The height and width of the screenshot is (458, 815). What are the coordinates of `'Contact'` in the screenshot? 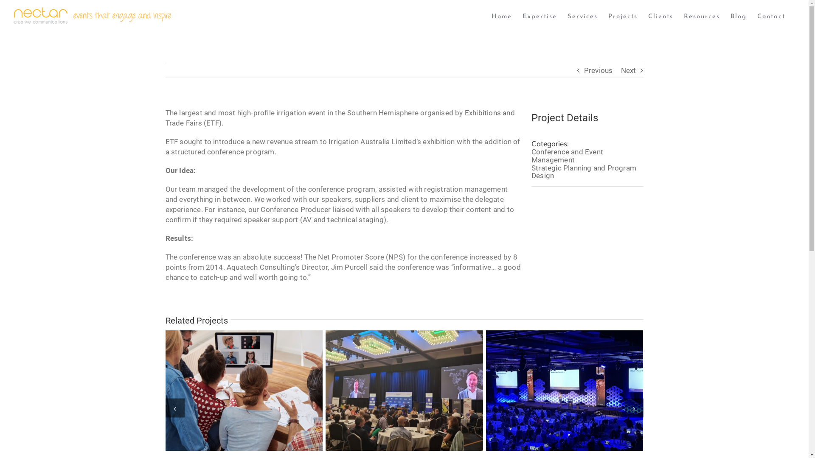 It's located at (771, 16).